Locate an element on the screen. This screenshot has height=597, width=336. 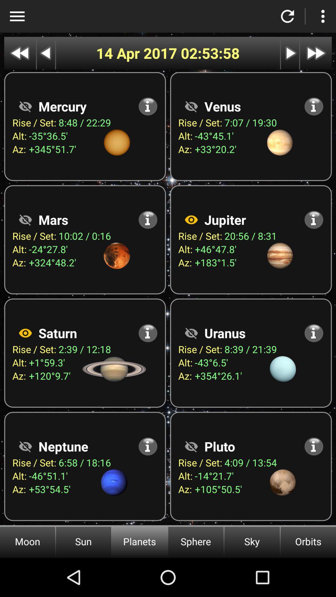
item to the left of 02:53:58 icon is located at coordinates (138, 53).